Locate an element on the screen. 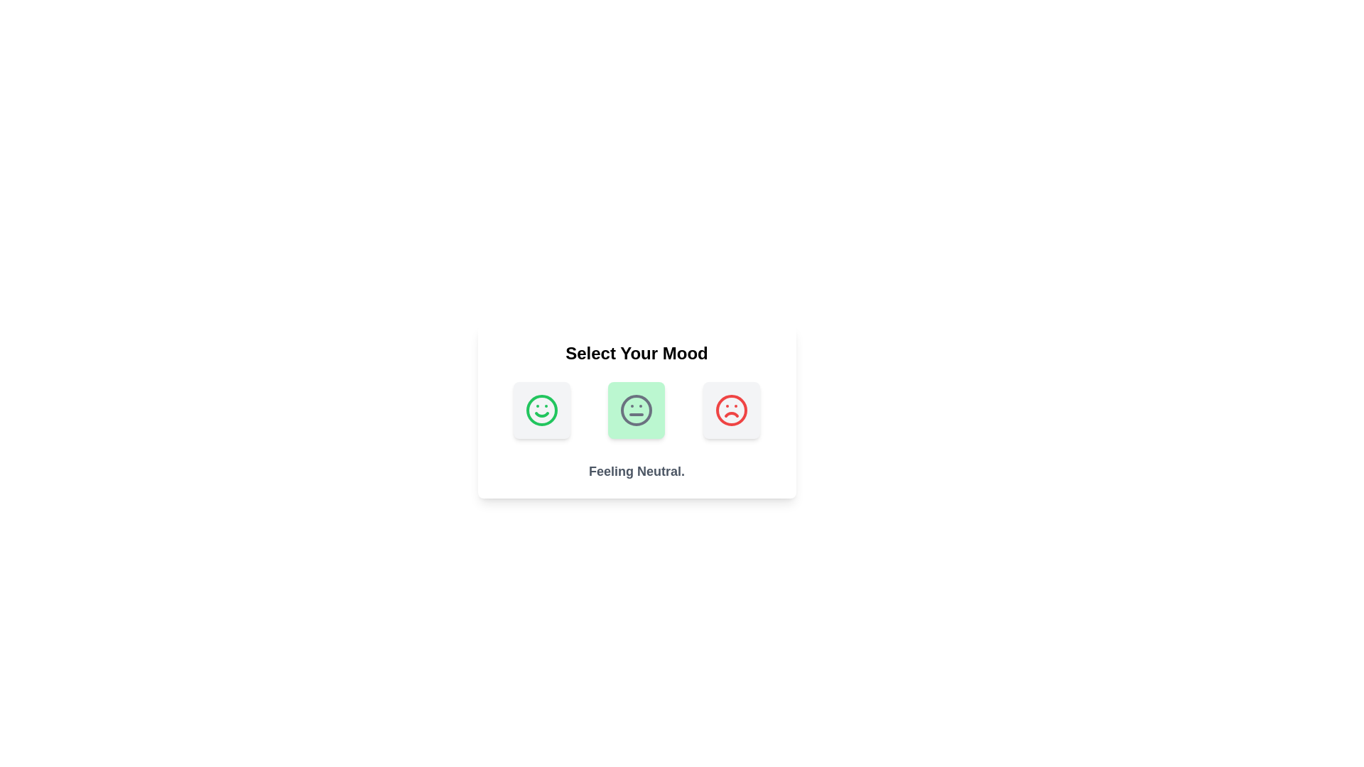  the first interactive button with an icon that allows the user is located at coordinates (541, 410).